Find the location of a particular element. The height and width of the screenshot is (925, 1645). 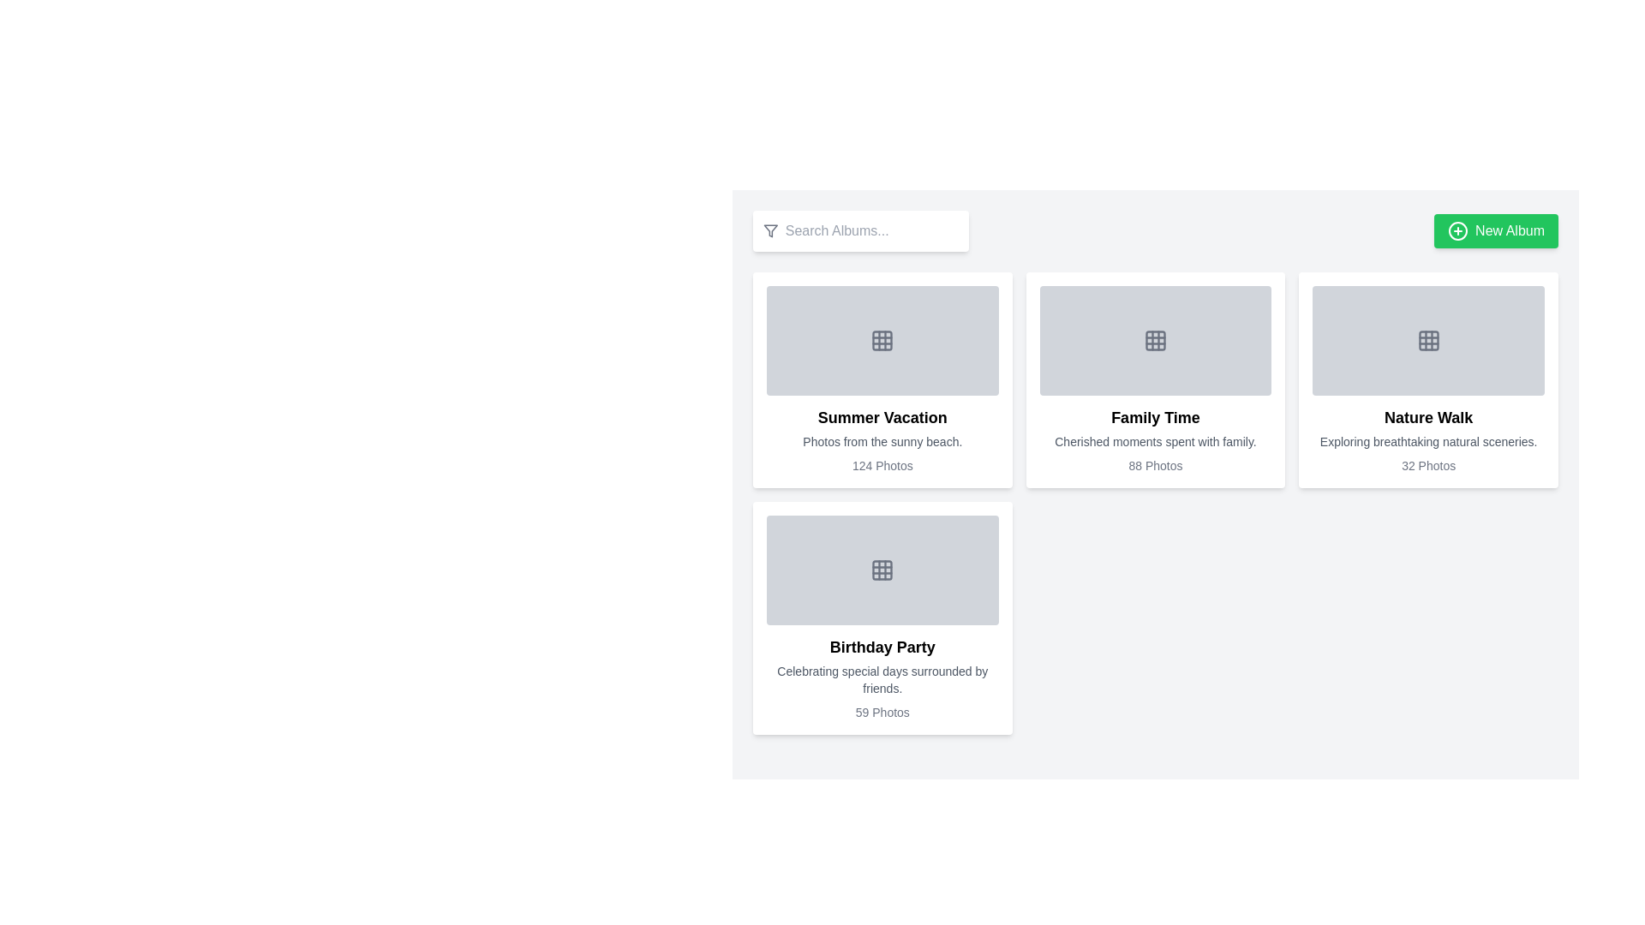

the 'Summer Vacation' card, which is the first item in the grid layout is located at coordinates (882, 379).